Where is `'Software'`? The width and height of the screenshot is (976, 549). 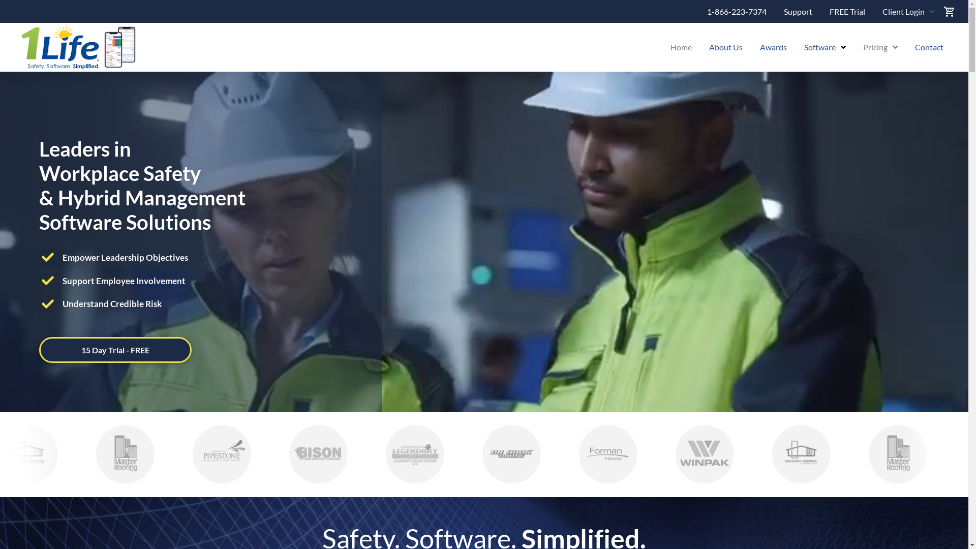 'Software' is located at coordinates (795, 47).